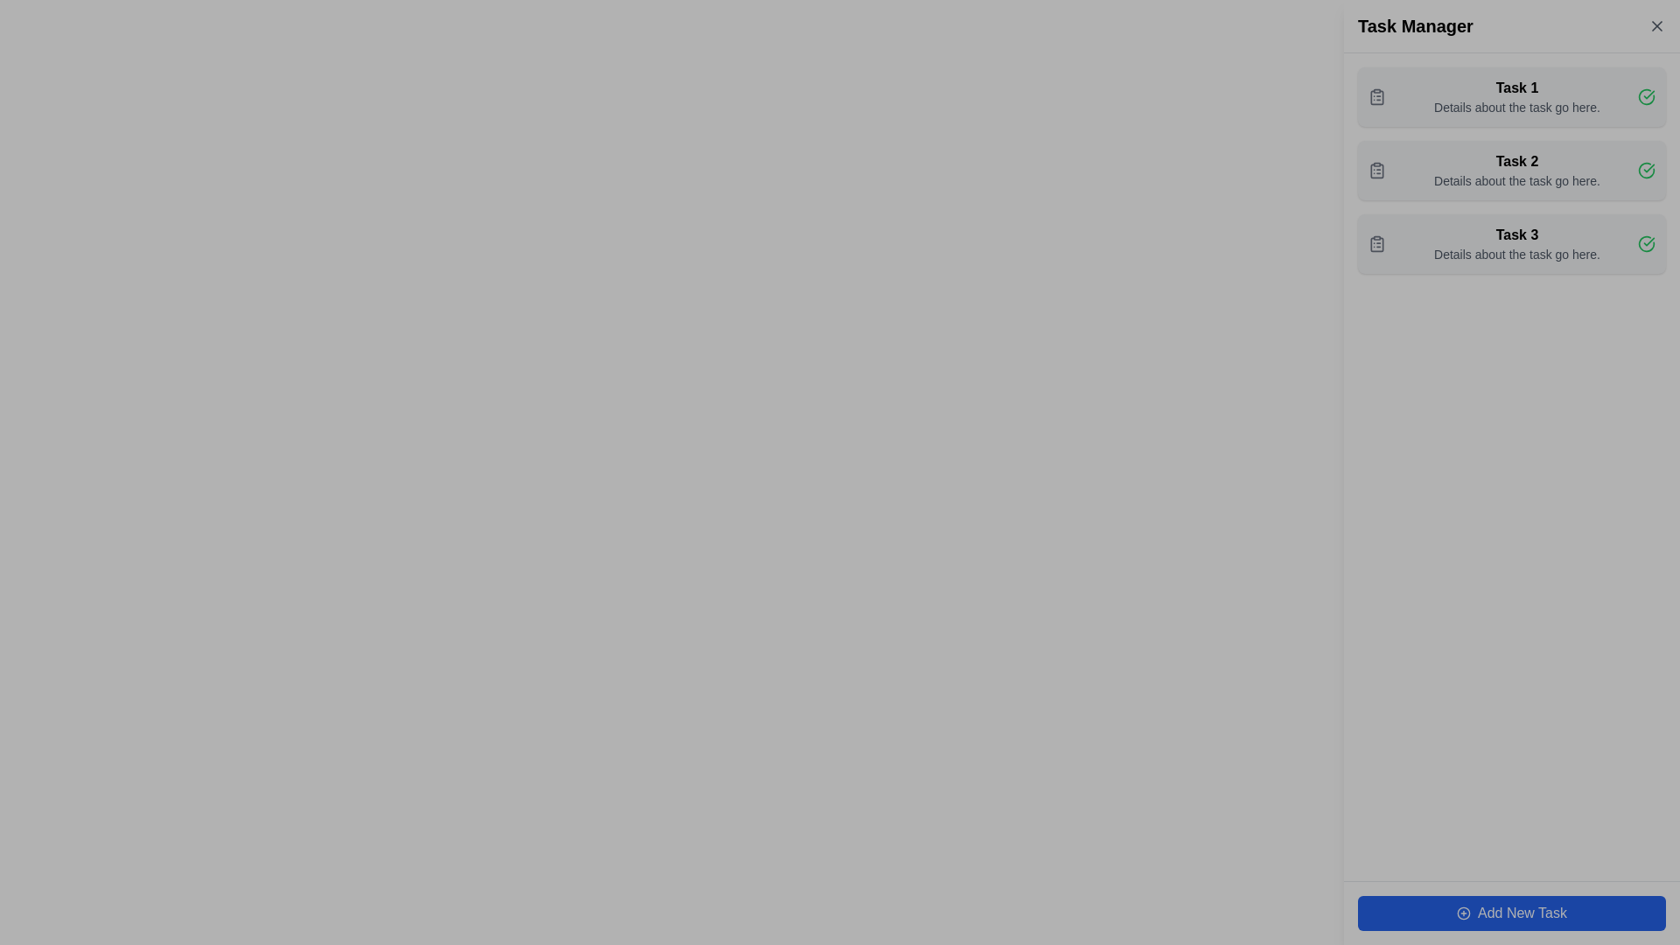 The image size is (1680, 945). What do you see at coordinates (1515, 254) in the screenshot?
I see `the text label displaying 'Details about the task go here.' which is styled in gray color and located below the header 'Task 3'` at bounding box center [1515, 254].